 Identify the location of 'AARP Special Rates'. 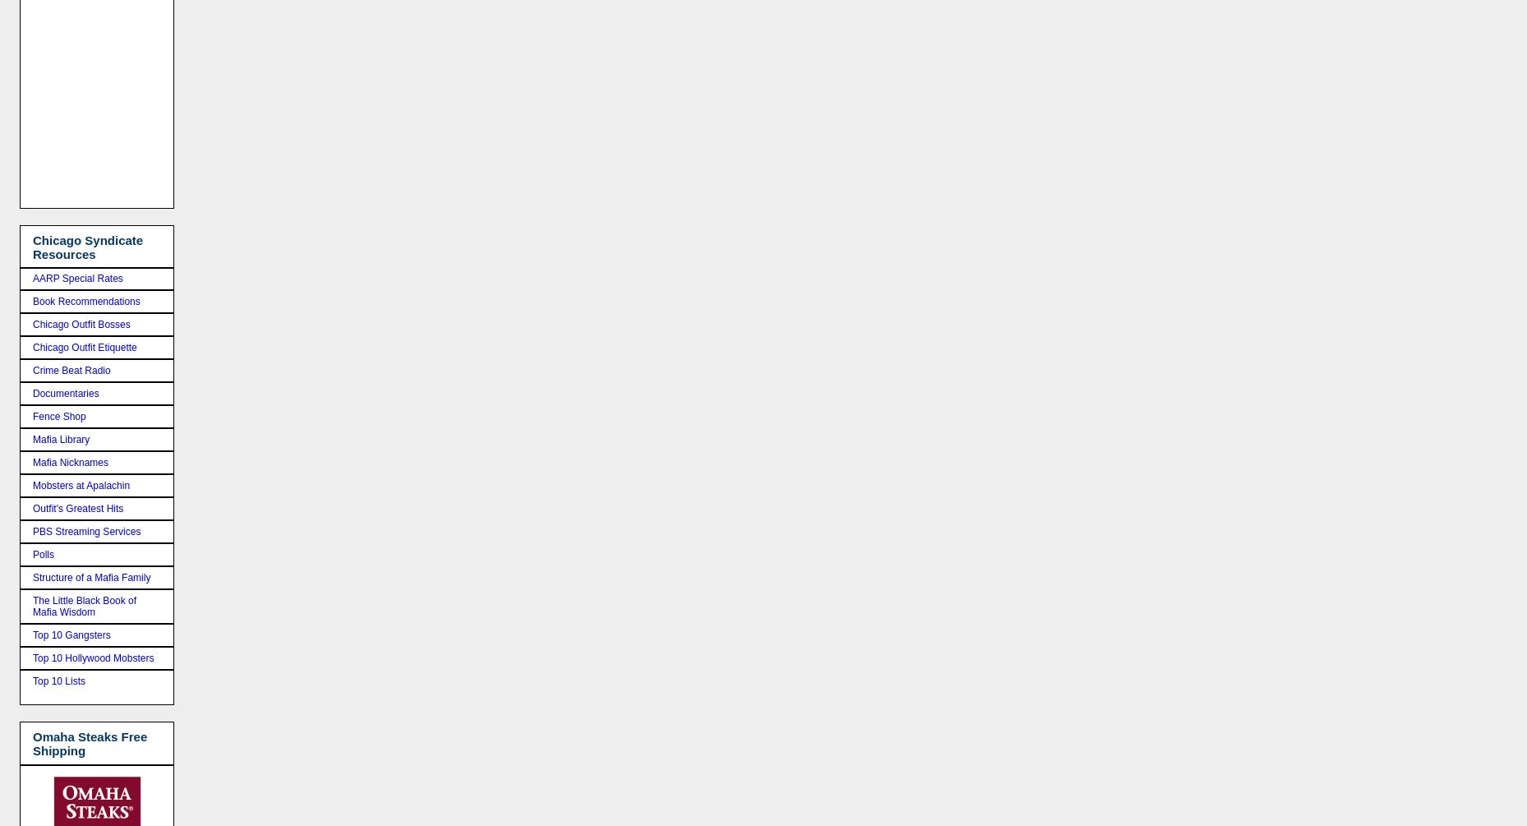
(77, 278).